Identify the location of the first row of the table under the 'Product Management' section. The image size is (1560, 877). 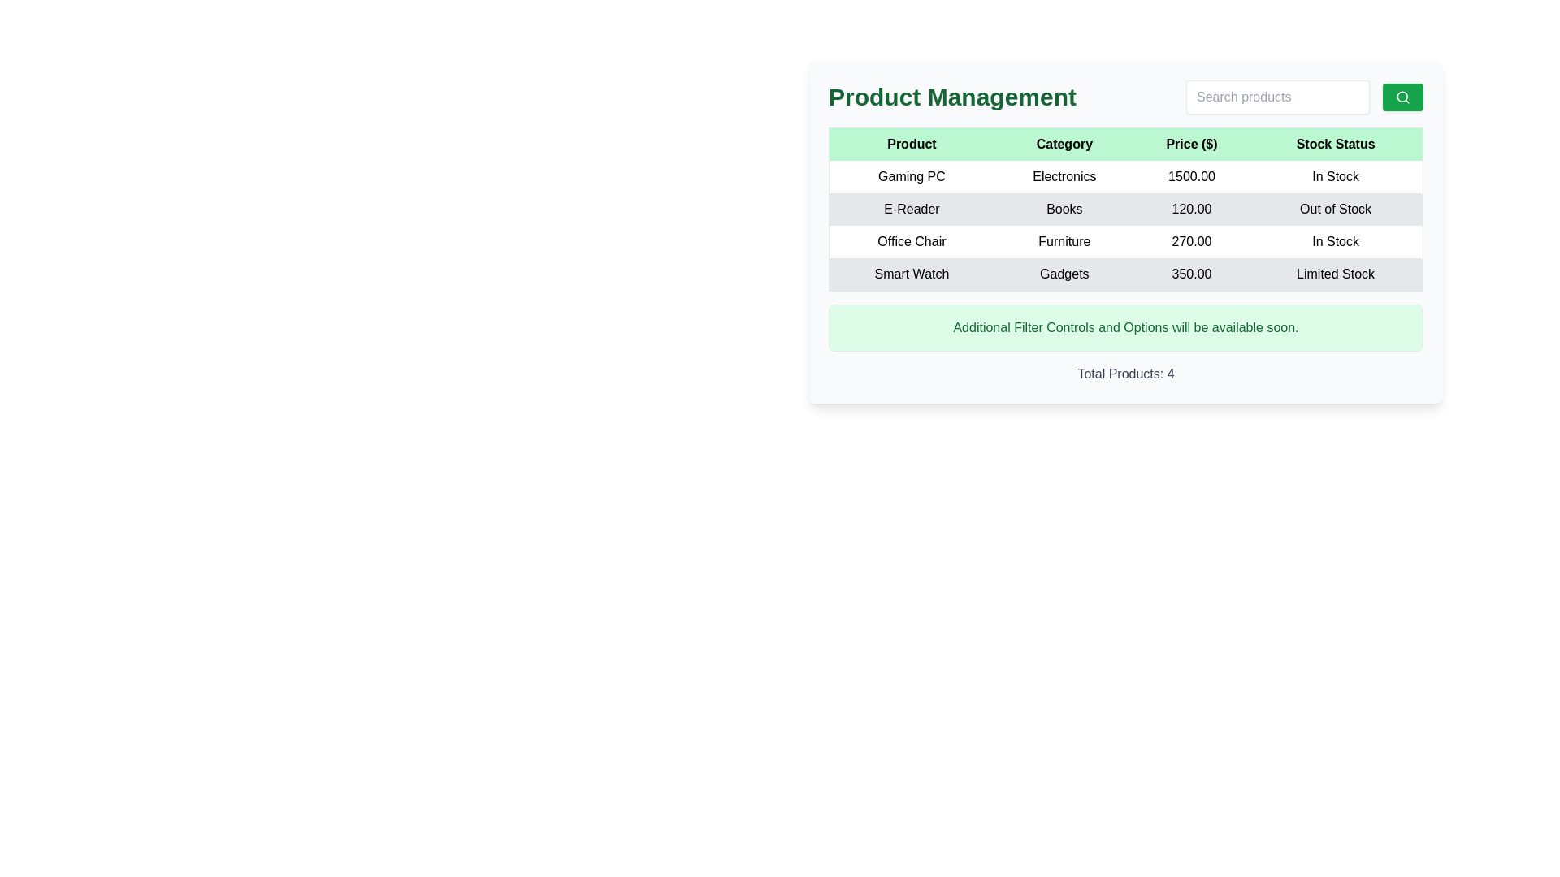
(1125, 177).